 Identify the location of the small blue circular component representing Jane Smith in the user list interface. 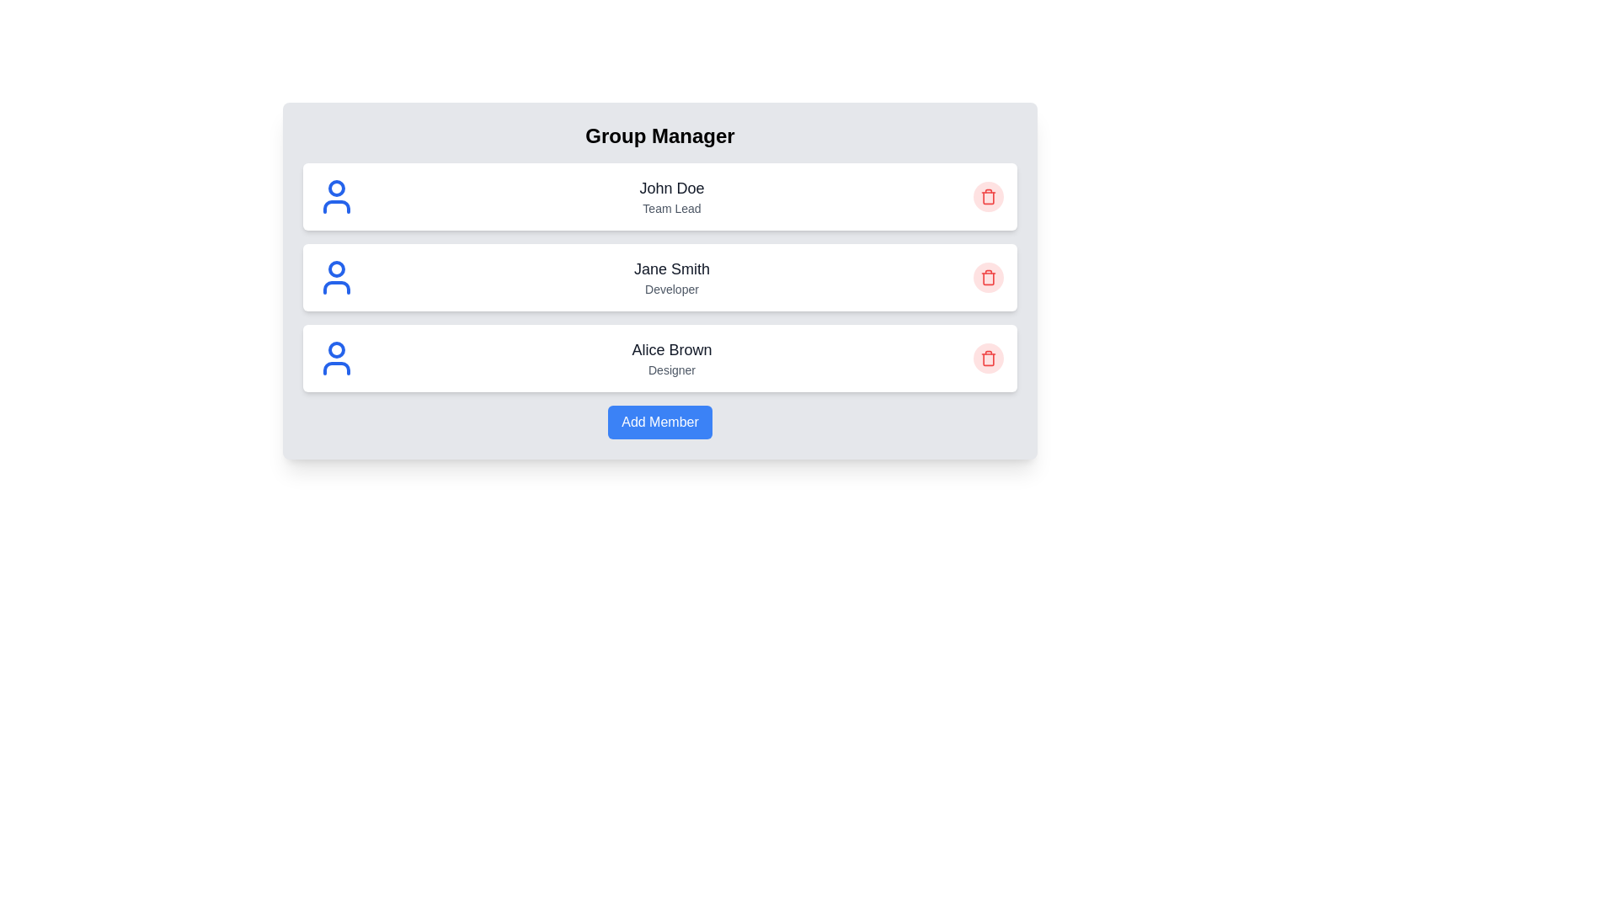
(336, 268).